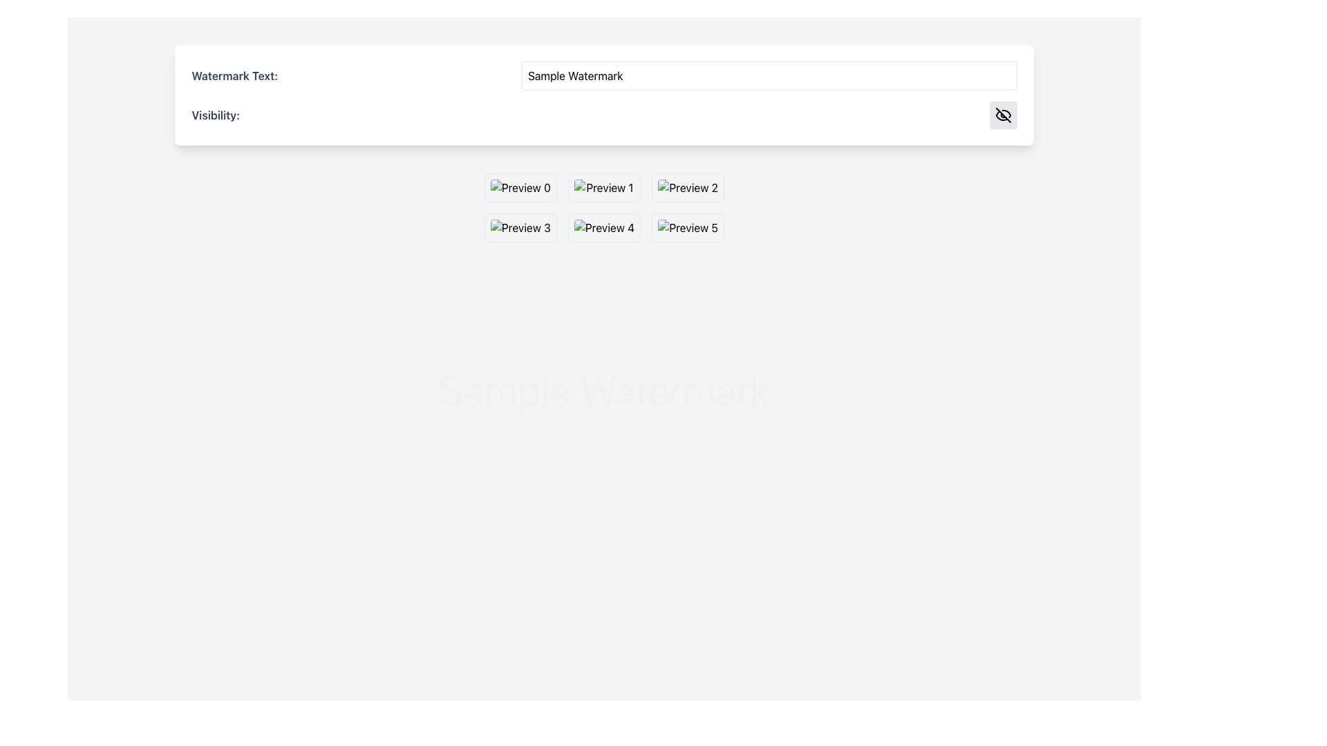  Describe the element at coordinates (688, 188) in the screenshot. I see `the image preview component of the selectable preview card labeled 'Preview 2', which is located in the first row, third column of the grid` at that location.